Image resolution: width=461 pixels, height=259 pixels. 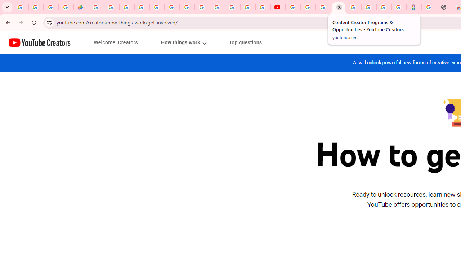 What do you see at coordinates (245, 42) in the screenshot?
I see `'Top questions'` at bounding box center [245, 42].